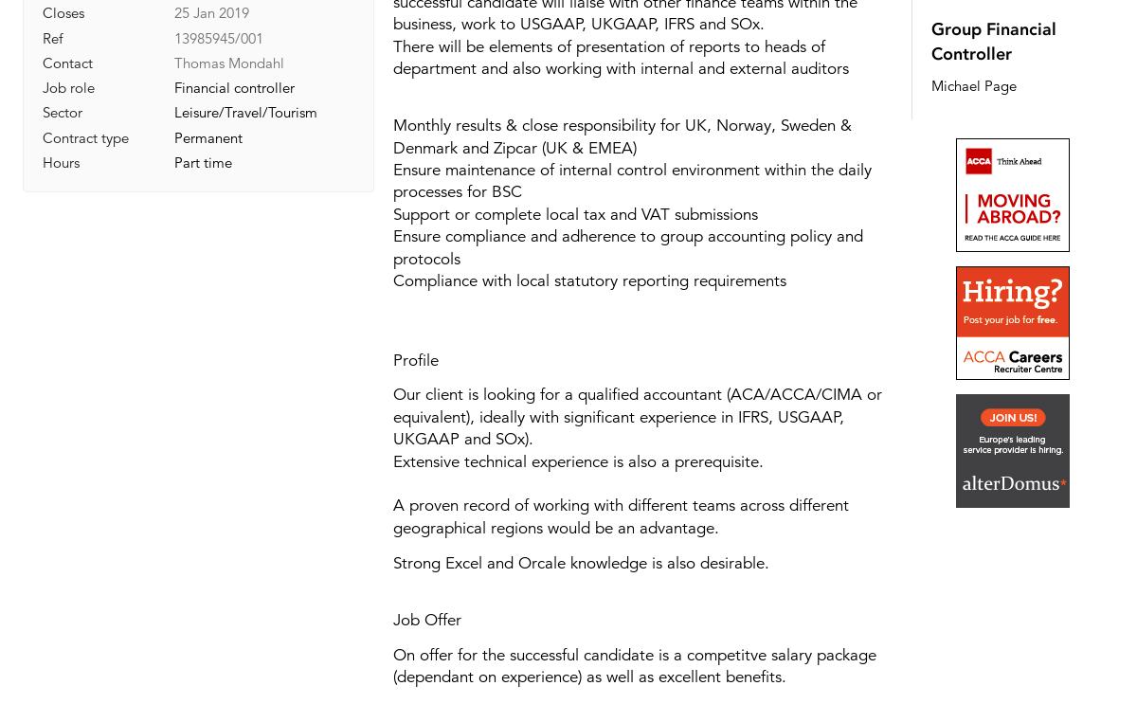 This screenshot has width=1137, height=704. What do you see at coordinates (202, 160) in the screenshot?
I see `'Part time'` at bounding box center [202, 160].